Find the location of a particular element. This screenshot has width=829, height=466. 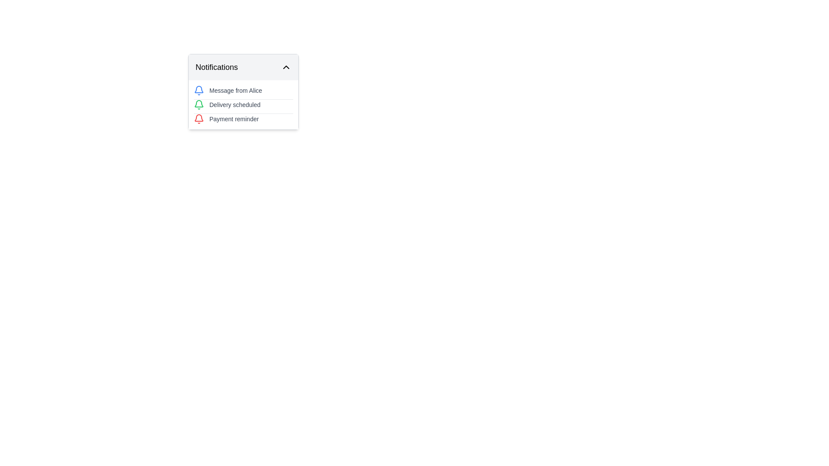

the design or state of the notification icon for 'Message from Alice', located as the first item in the Notifications section is located at coordinates (198, 90).